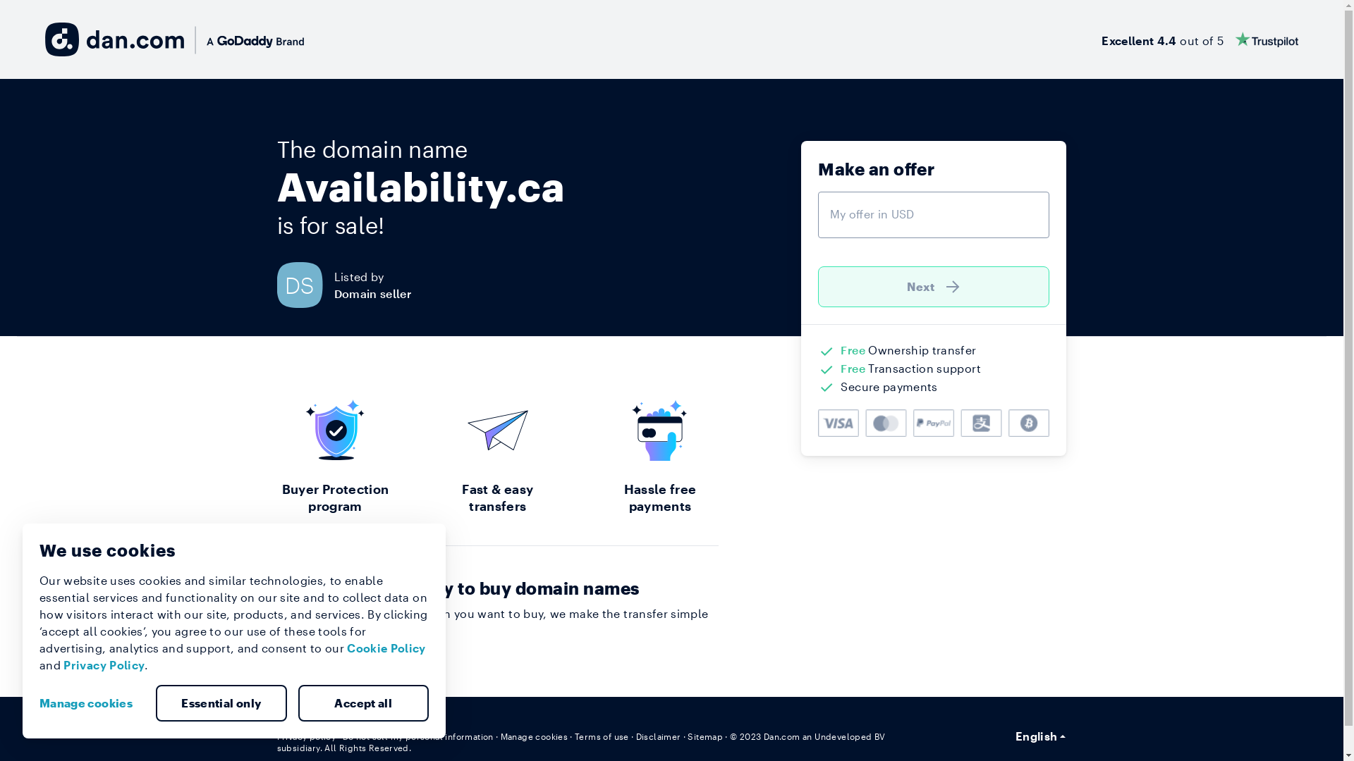 This screenshot has height=761, width=1354. I want to click on 'DS', so click(304, 285).